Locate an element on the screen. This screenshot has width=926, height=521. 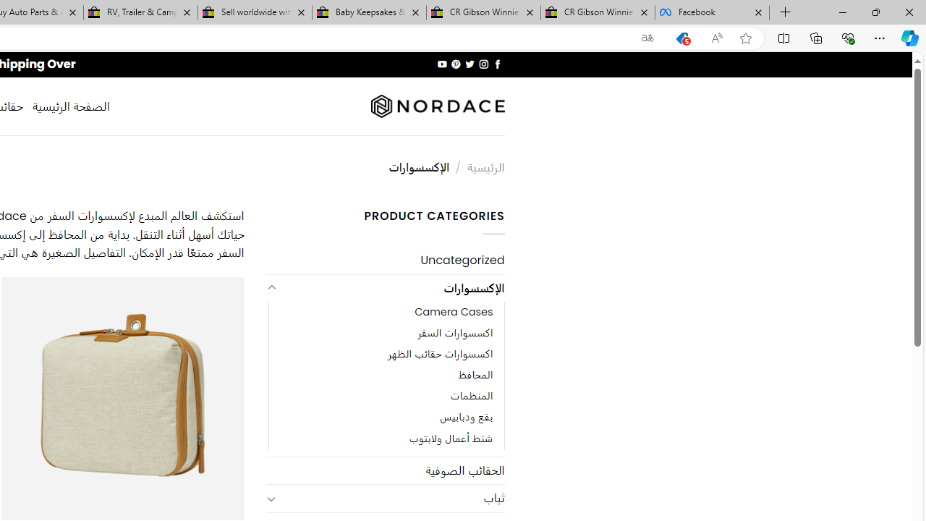
'Minimize' is located at coordinates (842, 12).